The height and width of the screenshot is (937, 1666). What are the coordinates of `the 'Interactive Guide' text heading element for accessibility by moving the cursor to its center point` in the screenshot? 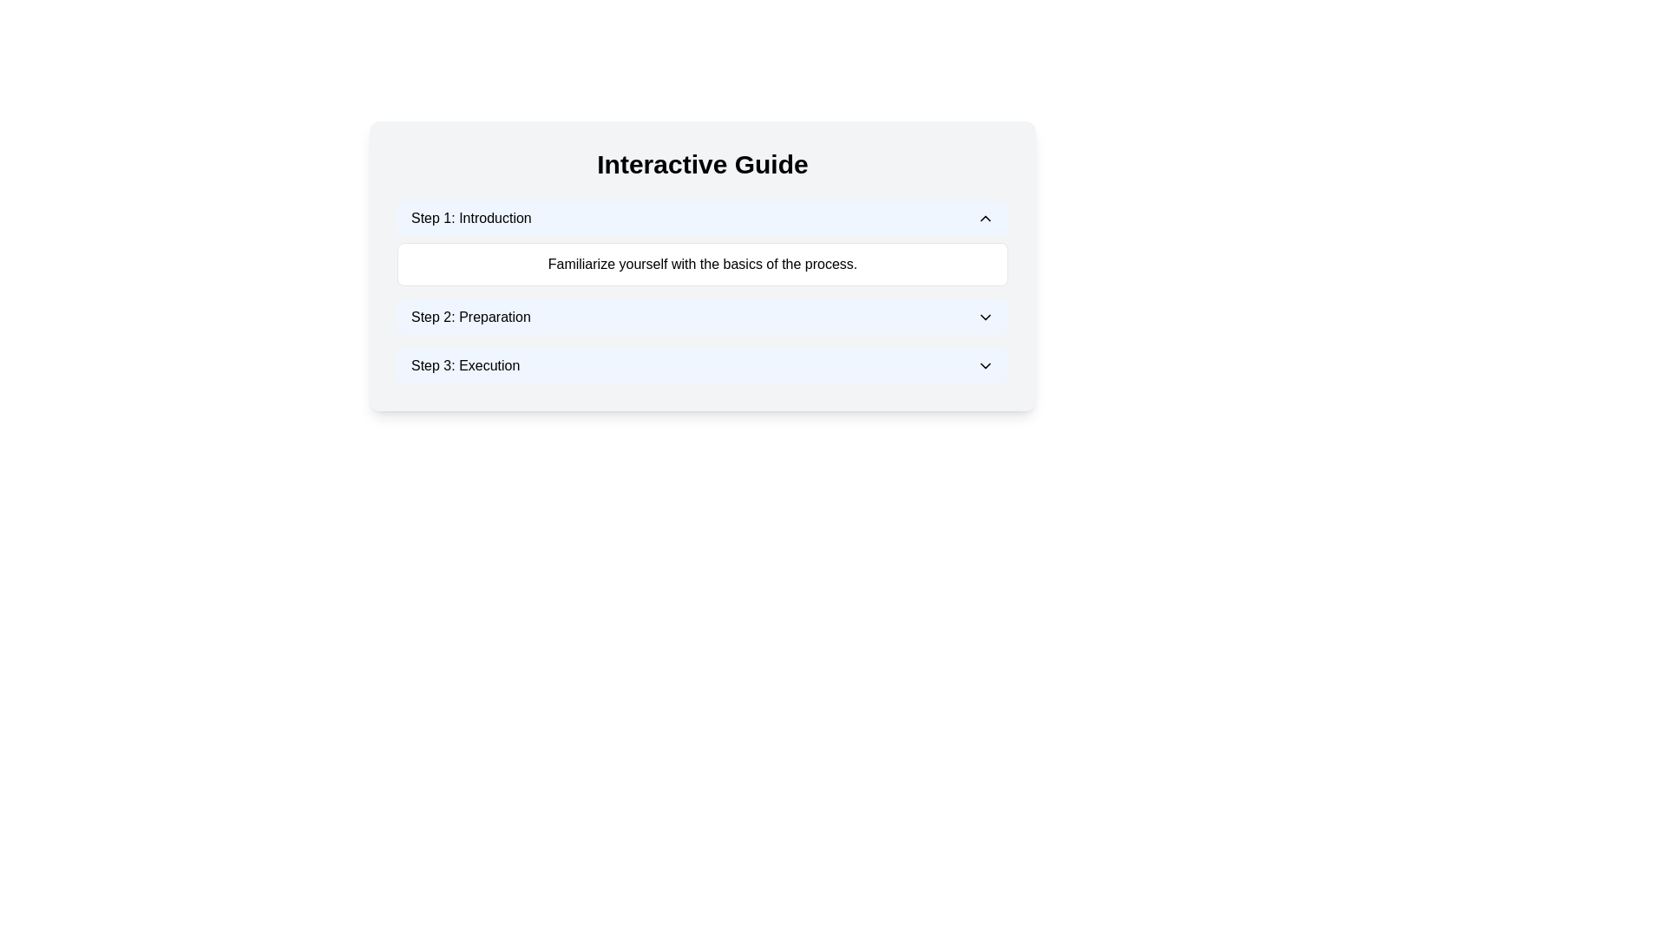 It's located at (703, 164).